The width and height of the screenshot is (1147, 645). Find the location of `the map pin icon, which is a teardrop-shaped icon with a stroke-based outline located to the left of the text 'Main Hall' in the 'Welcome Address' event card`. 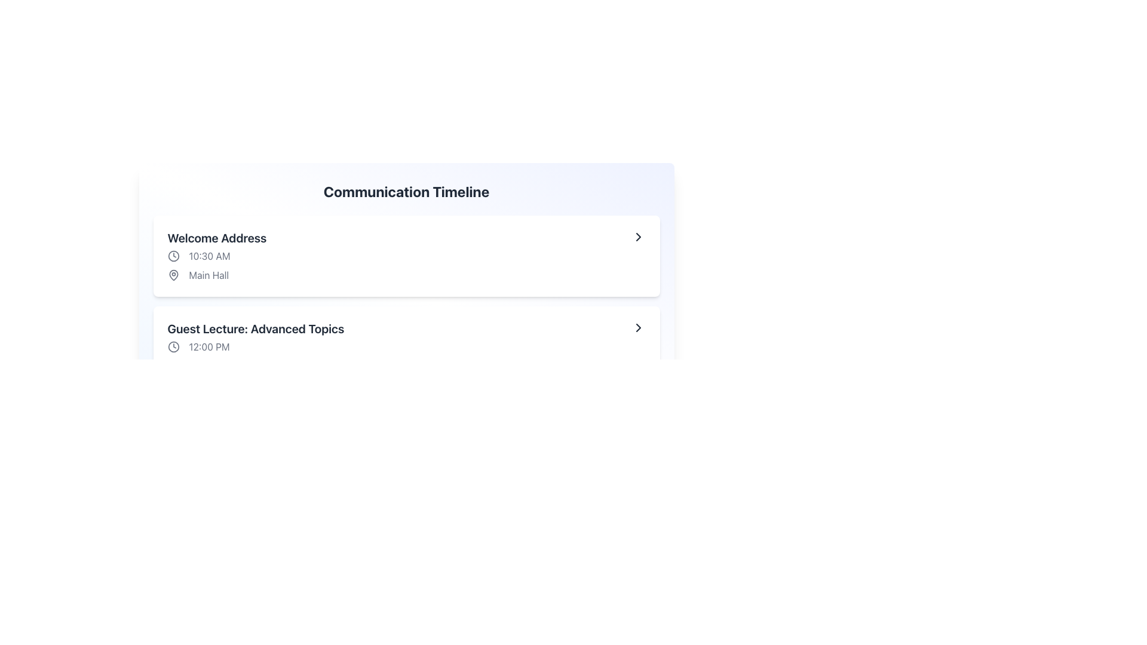

the map pin icon, which is a teardrop-shaped icon with a stroke-based outline located to the left of the text 'Main Hall' in the 'Welcome Address' event card is located at coordinates (173, 275).